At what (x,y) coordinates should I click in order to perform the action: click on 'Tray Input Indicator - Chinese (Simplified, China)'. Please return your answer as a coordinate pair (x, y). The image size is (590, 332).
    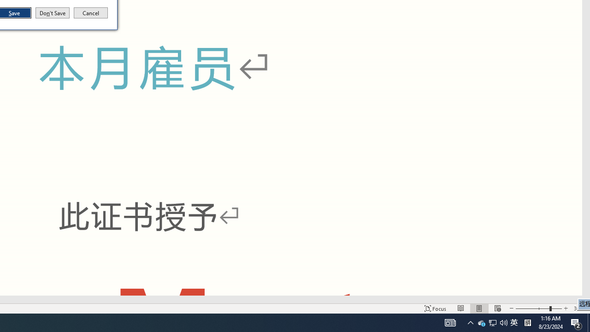
    Looking at the image, I should click on (513, 322).